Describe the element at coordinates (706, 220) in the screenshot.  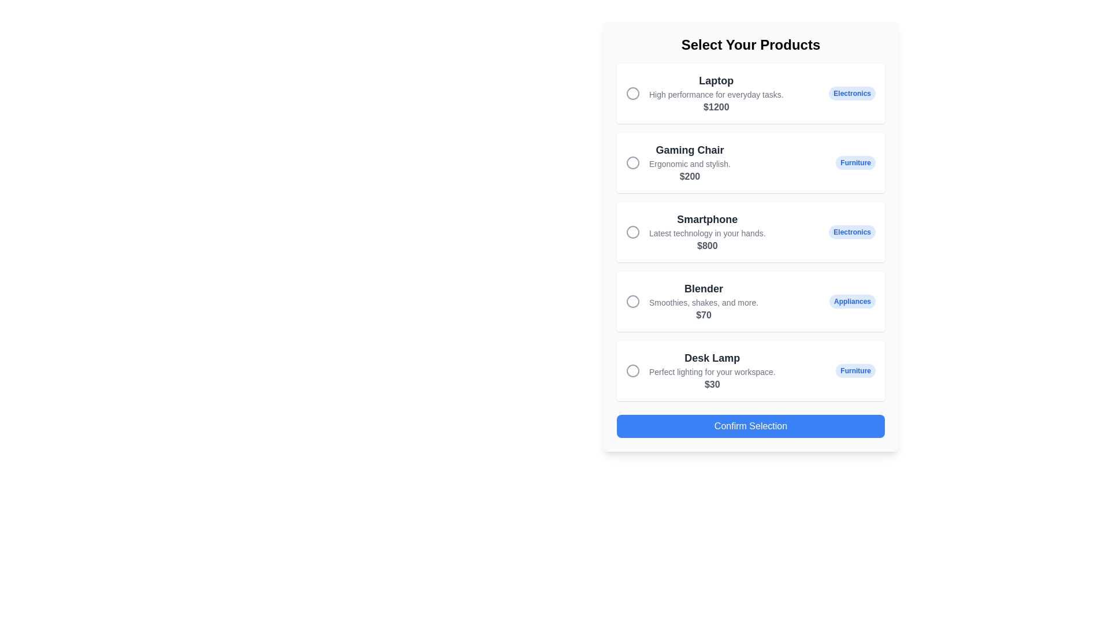
I see `the Text label representing the product title, which is positioned above the description and price` at that location.